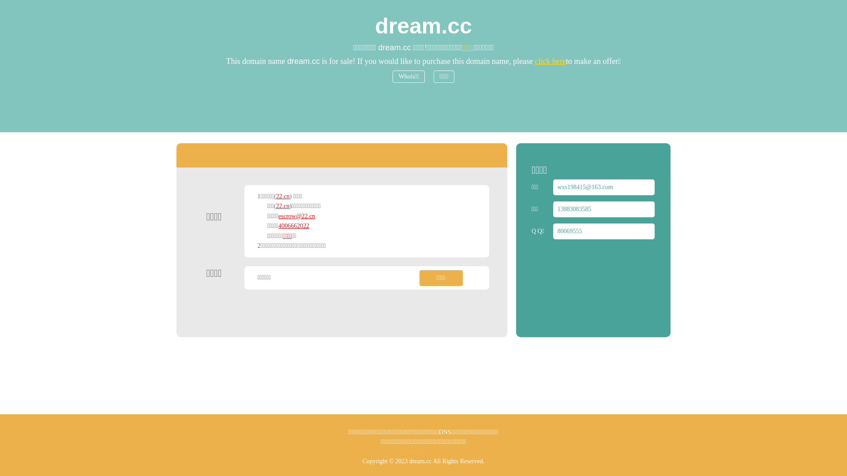 Image resolution: width=847 pixels, height=476 pixels. What do you see at coordinates (283, 206) in the screenshot?
I see `'22.cn'` at bounding box center [283, 206].